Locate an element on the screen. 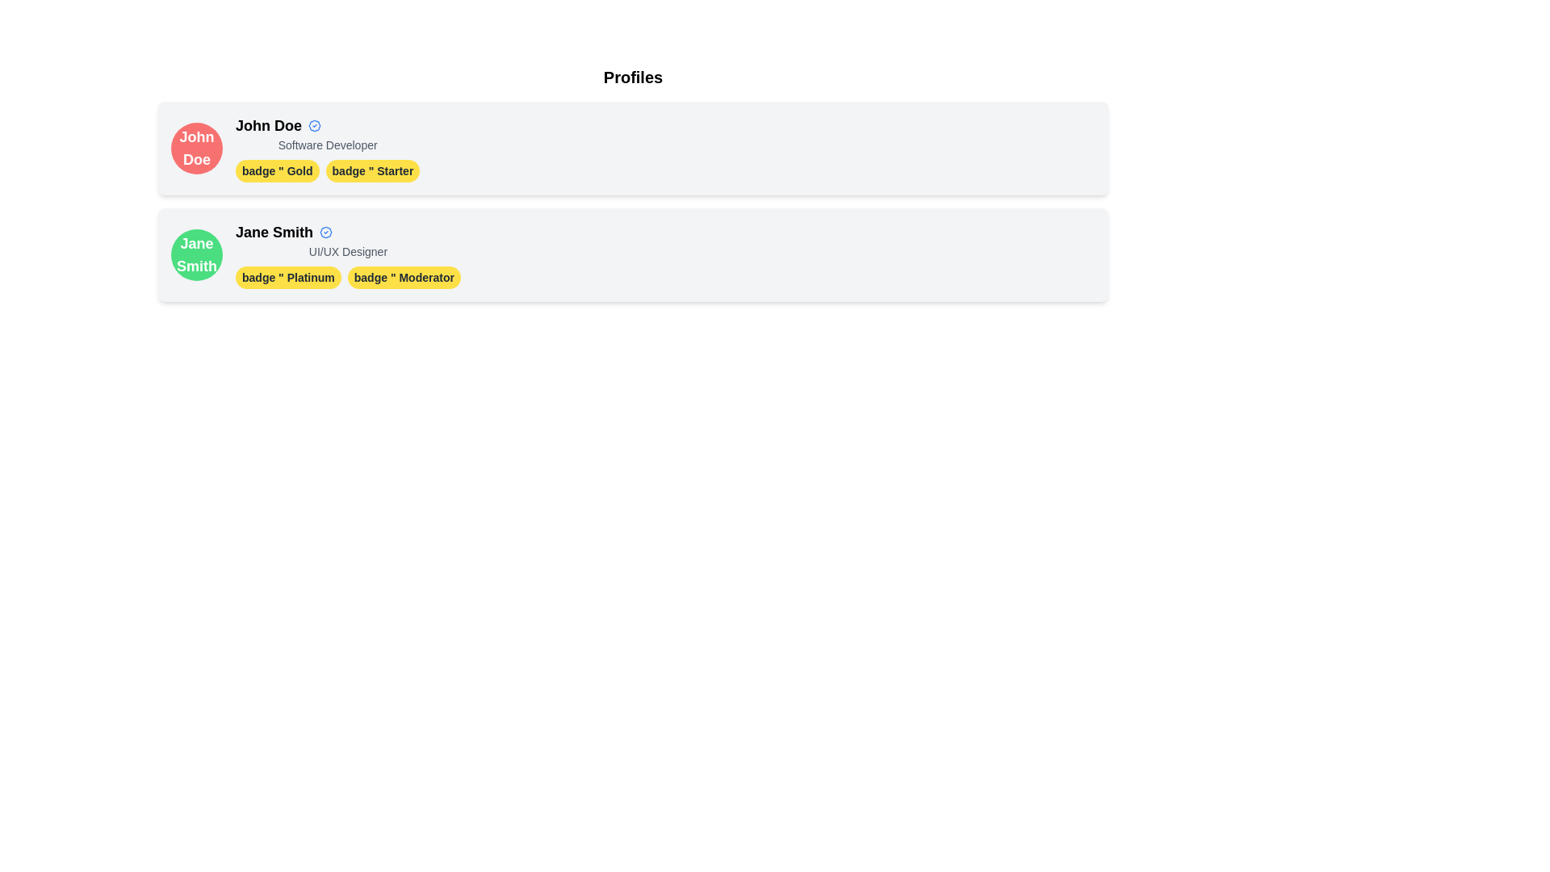 This screenshot has width=1550, height=872. the circular red background containing the bold white text 'John Doe' in the first profile card at the top left corner of the interface is located at coordinates (196, 149).